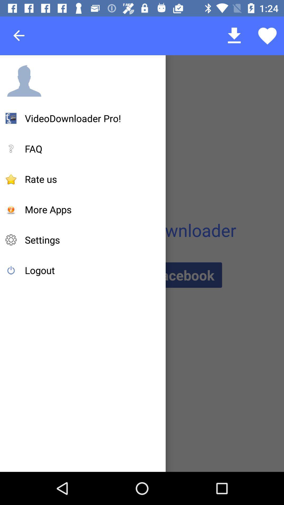 The width and height of the screenshot is (284, 505). I want to click on more apps, so click(48, 209).